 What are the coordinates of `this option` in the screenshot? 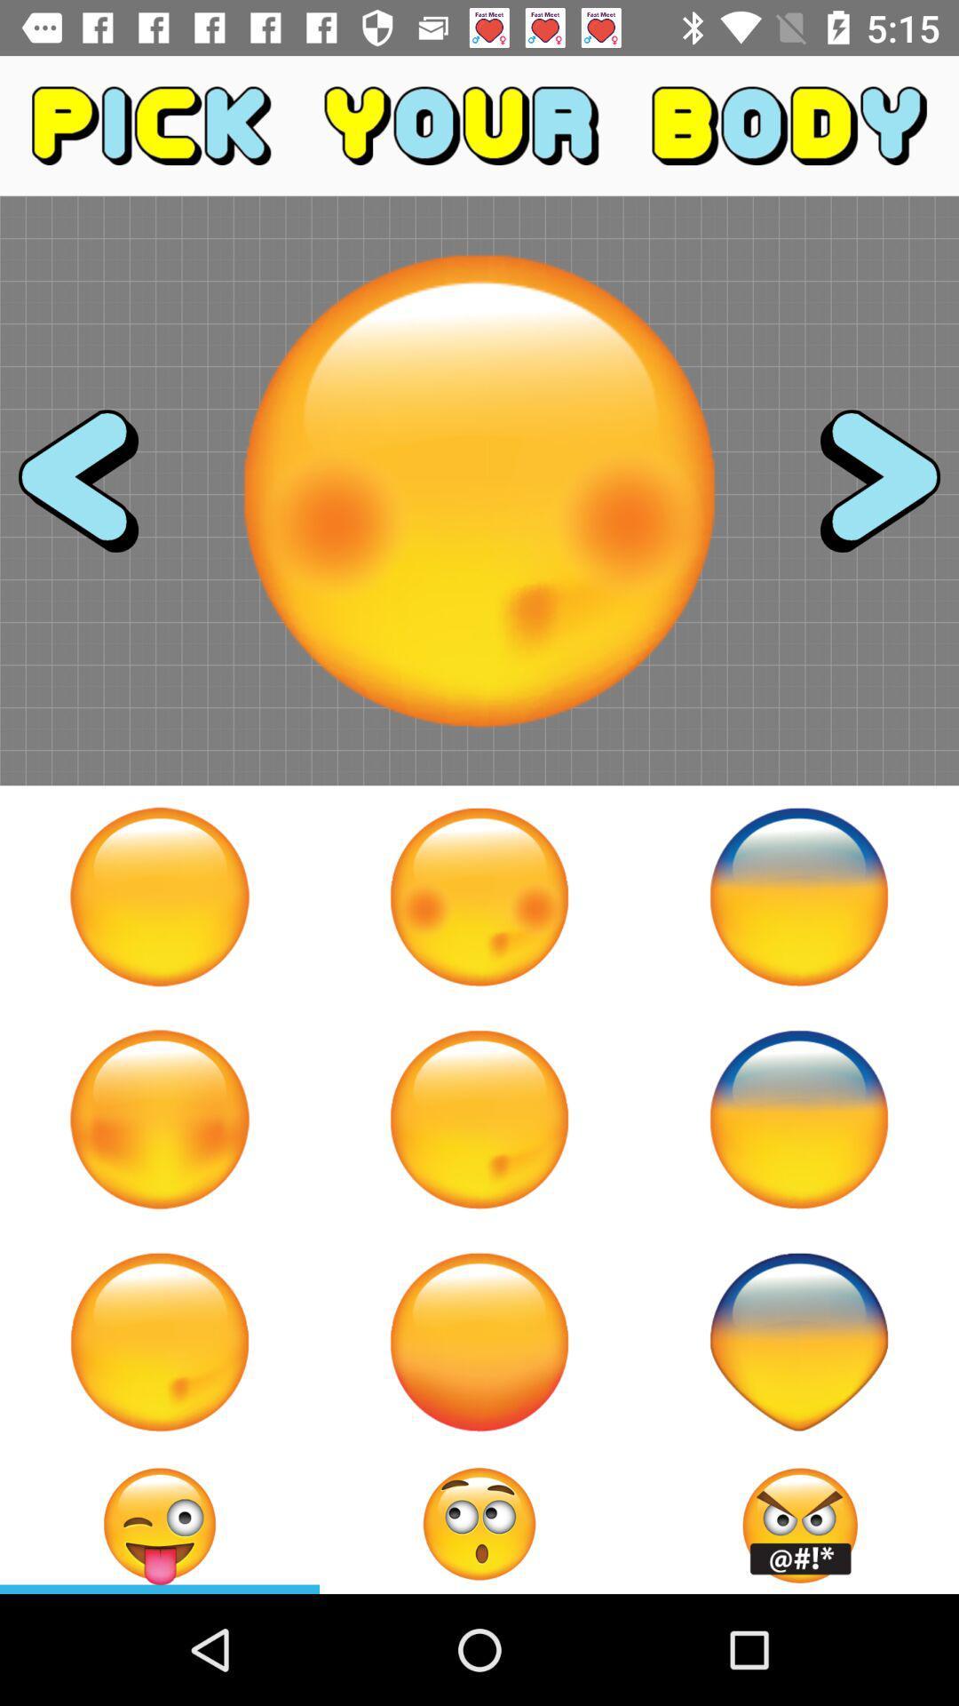 It's located at (479, 1342).